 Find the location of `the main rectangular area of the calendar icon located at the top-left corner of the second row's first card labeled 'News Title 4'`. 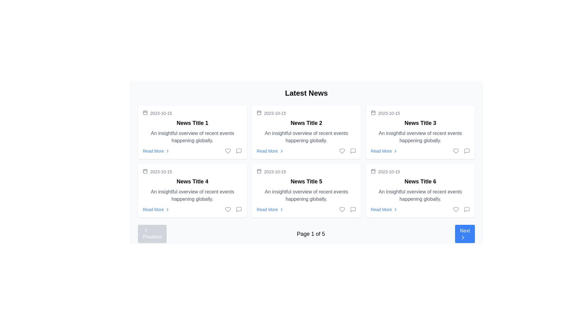

the main rectangular area of the calendar icon located at the top-left corner of the second row's first card labeled 'News Title 4' is located at coordinates (145, 171).